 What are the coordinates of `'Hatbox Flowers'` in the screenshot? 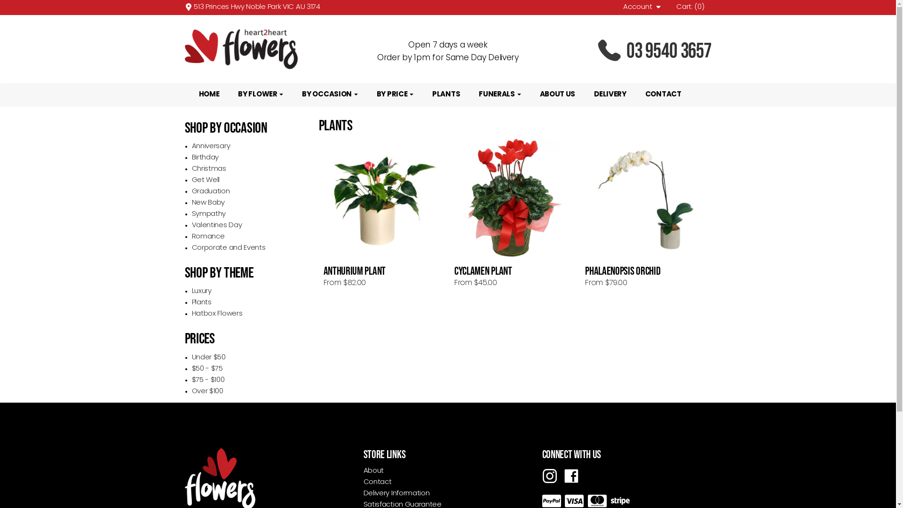 It's located at (216, 314).